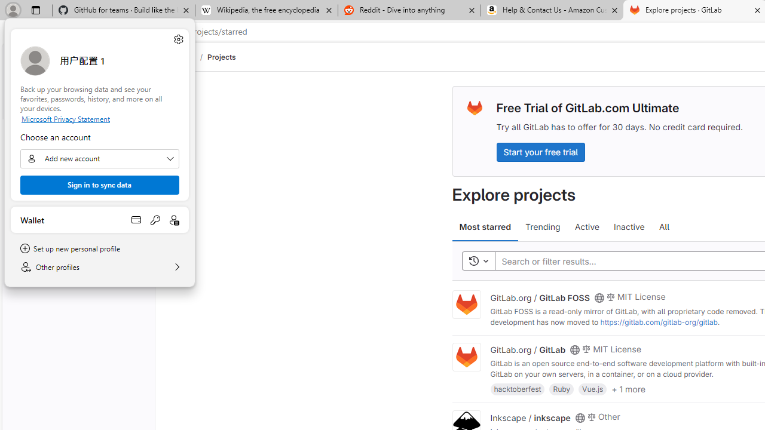  Describe the element at coordinates (593, 389) in the screenshot. I see `'Vue.js'` at that location.